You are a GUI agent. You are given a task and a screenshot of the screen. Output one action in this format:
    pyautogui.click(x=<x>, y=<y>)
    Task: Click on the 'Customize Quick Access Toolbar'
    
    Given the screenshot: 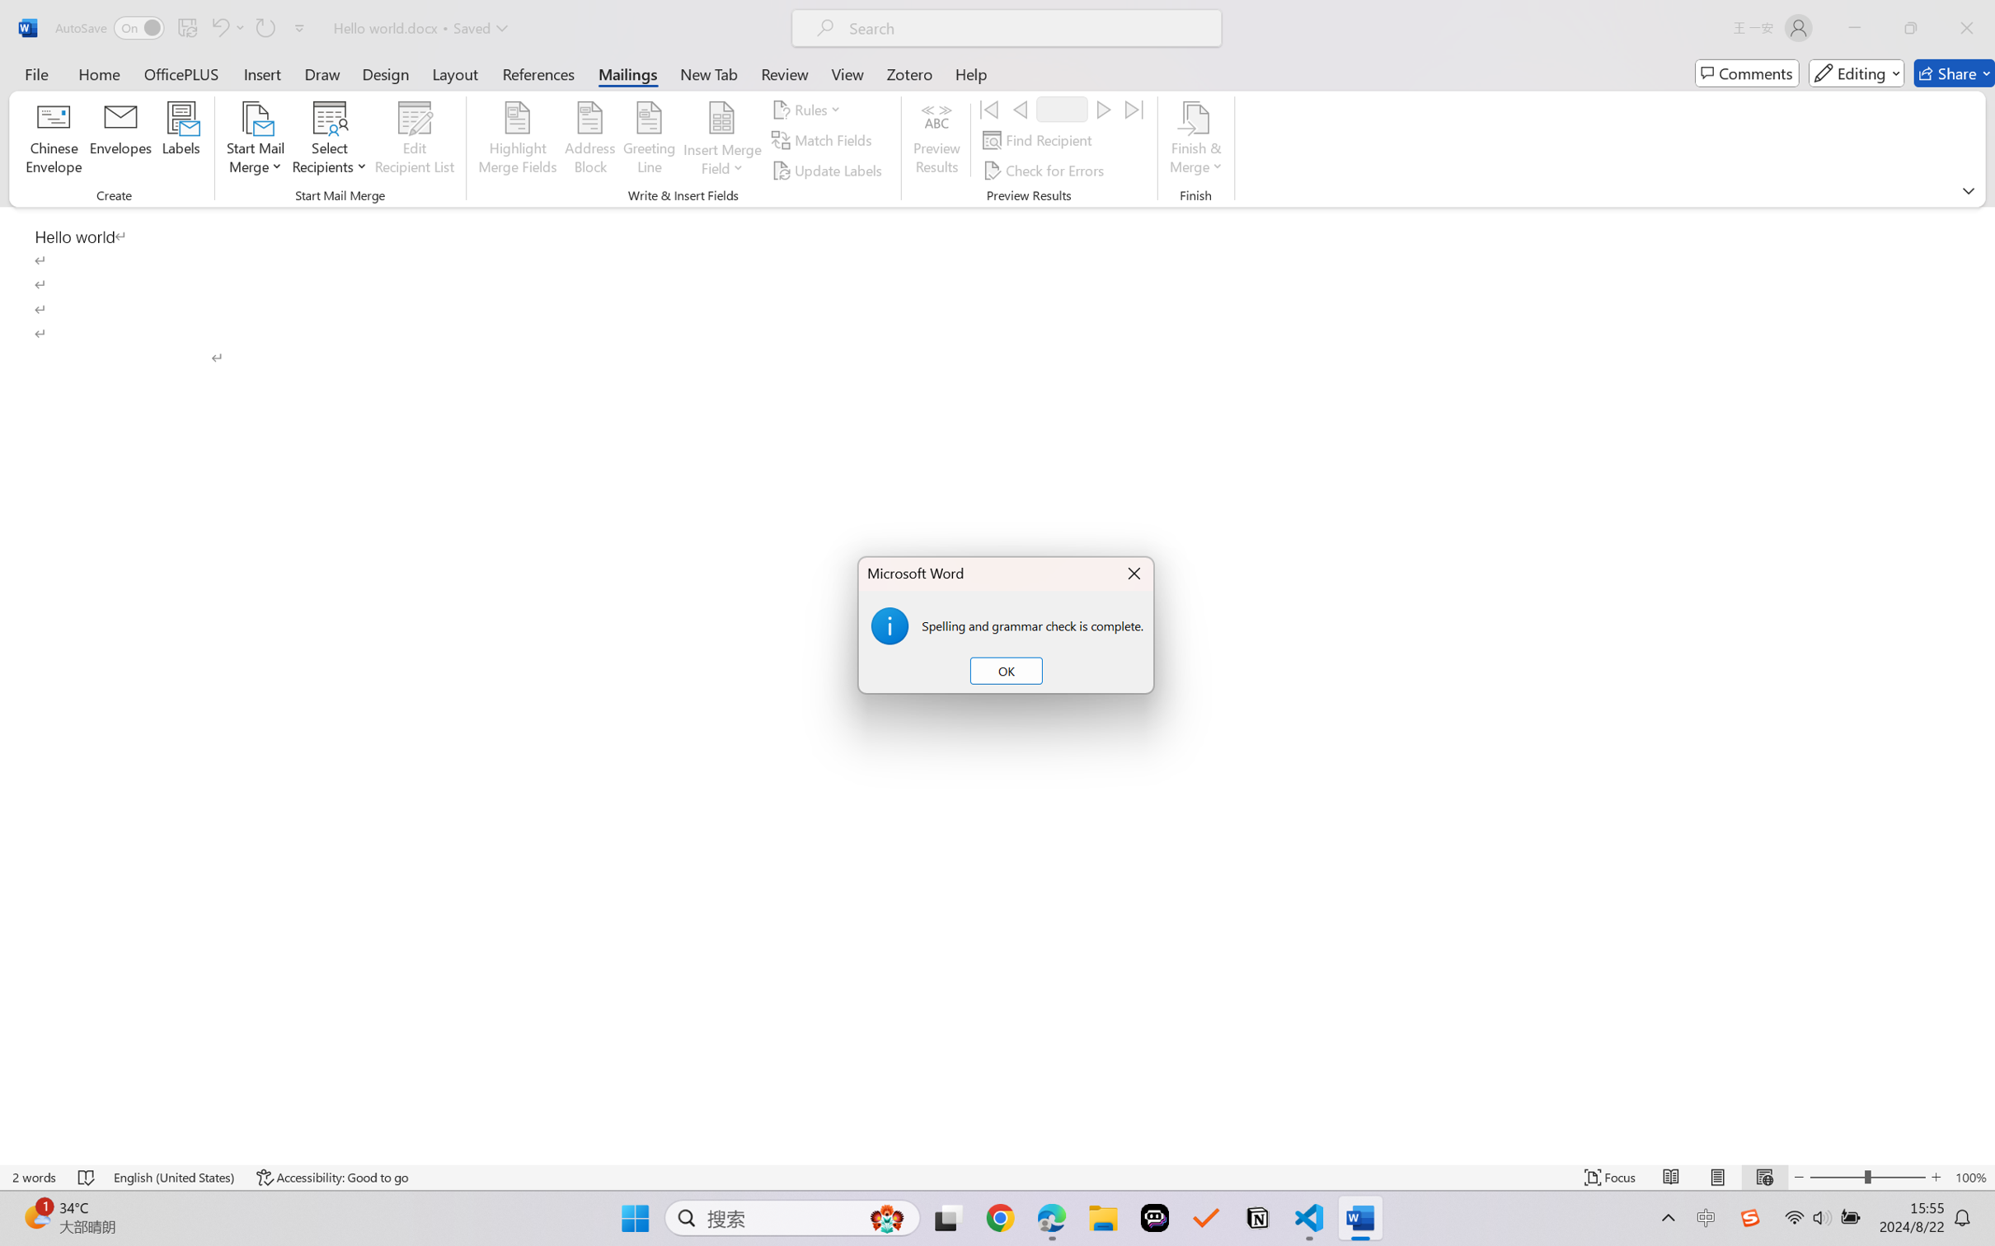 What is the action you would take?
    pyautogui.click(x=299, y=27)
    